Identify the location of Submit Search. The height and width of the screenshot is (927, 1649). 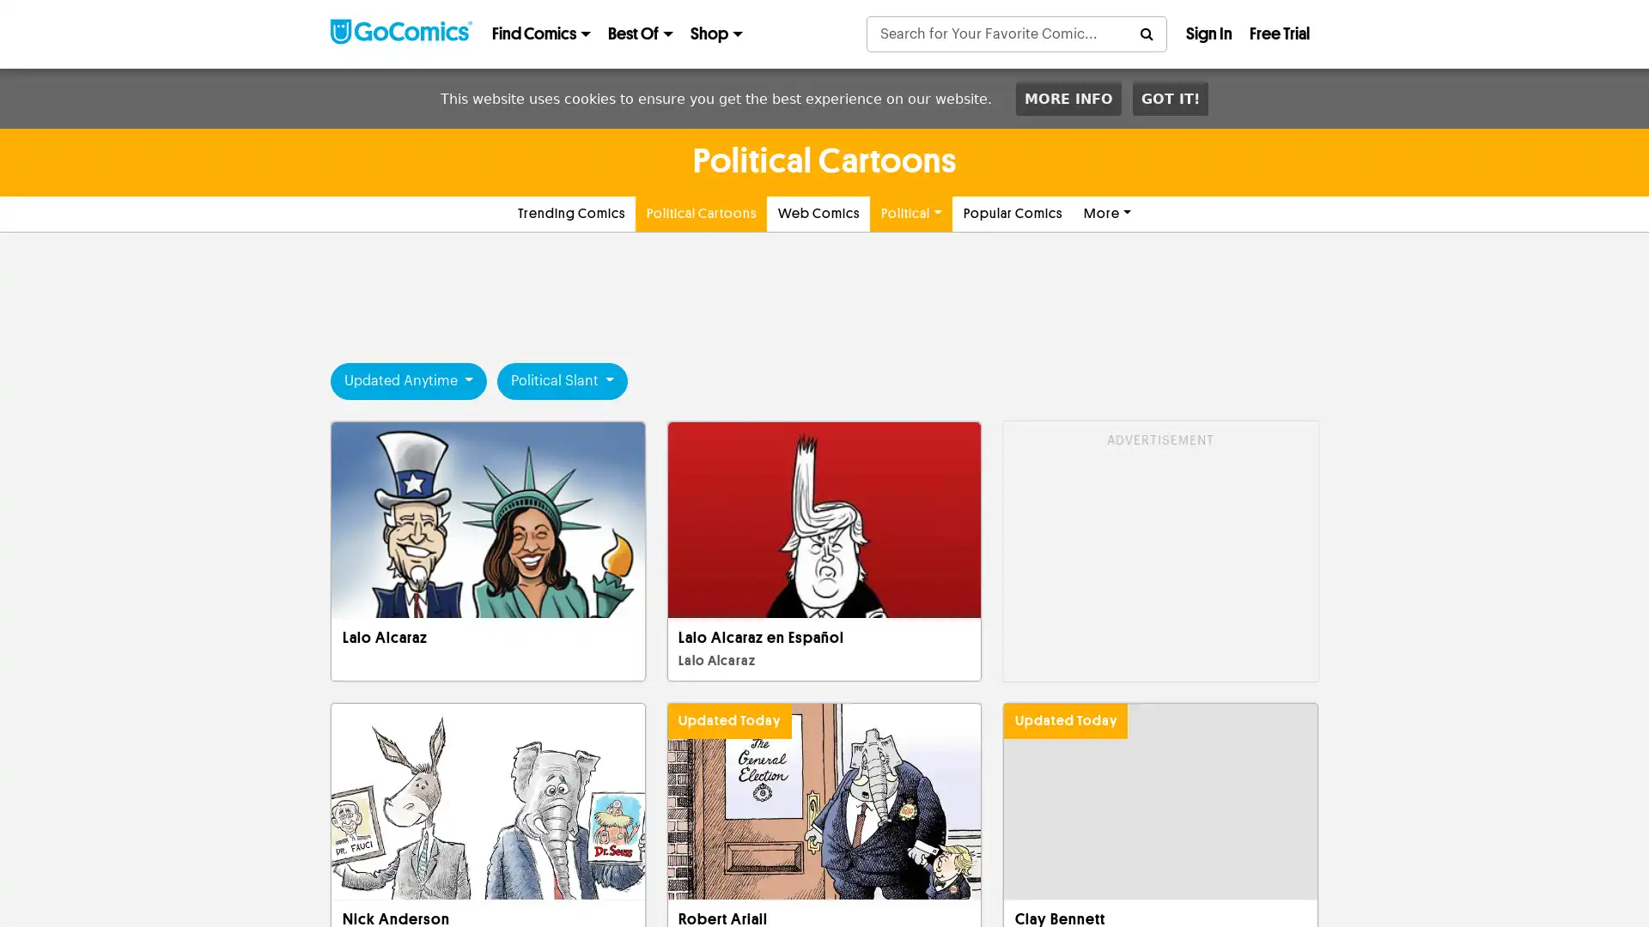
(1146, 33).